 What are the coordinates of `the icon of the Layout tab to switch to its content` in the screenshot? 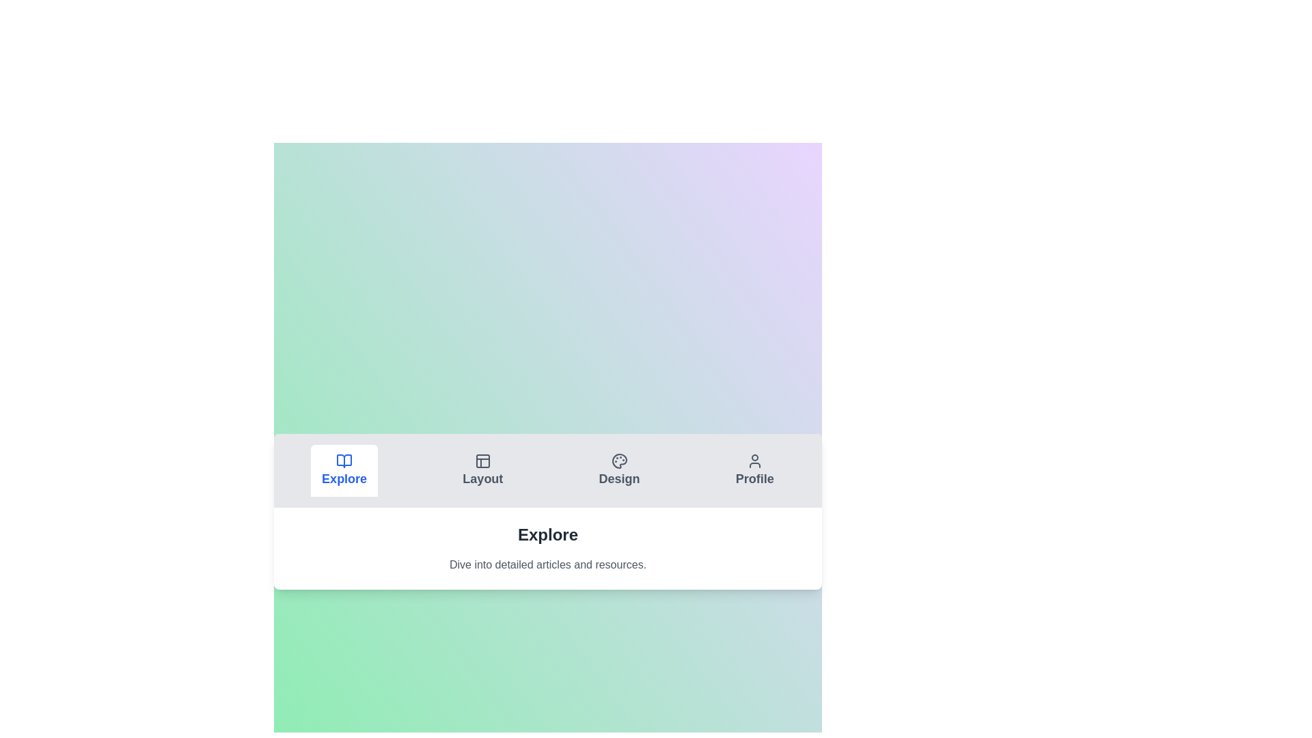 It's located at (482, 461).